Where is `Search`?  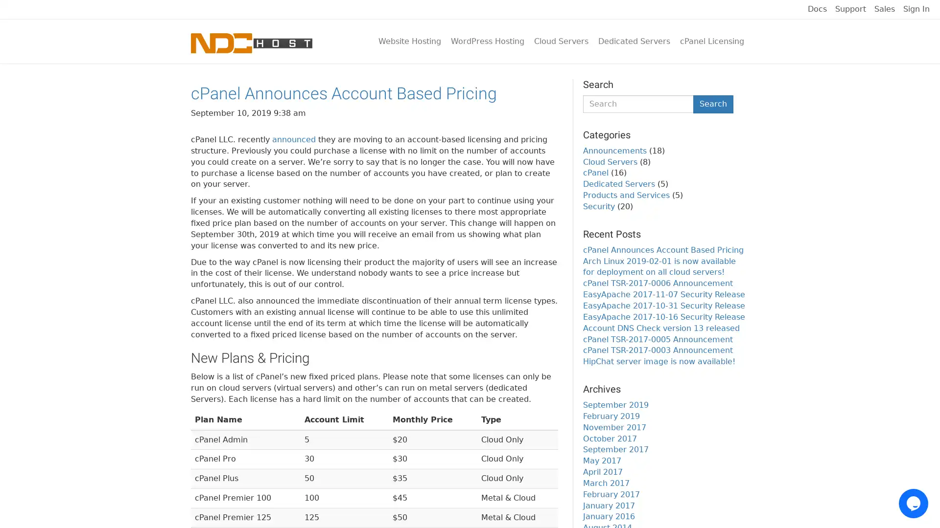
Search is located at coordinates (713, 104).